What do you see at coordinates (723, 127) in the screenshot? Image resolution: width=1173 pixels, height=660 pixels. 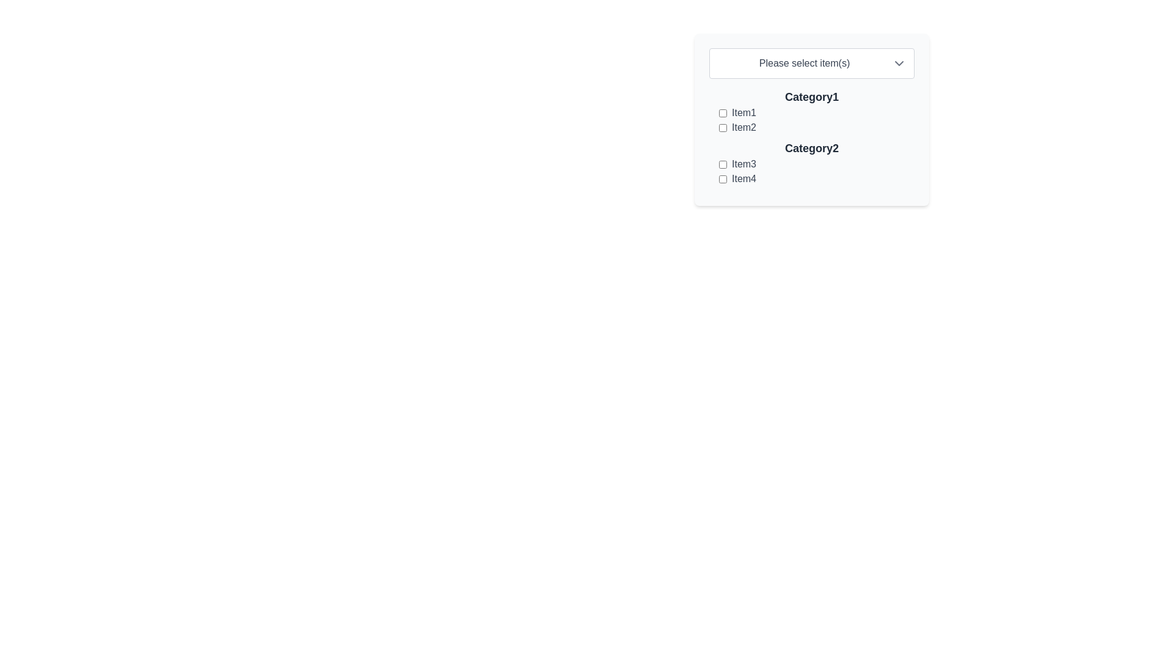 I see `the checkbox that enables the selection of 'Item2', located to the left of the text label within the second row of items in the 'Category1' section` at bounding box center [723, 127].